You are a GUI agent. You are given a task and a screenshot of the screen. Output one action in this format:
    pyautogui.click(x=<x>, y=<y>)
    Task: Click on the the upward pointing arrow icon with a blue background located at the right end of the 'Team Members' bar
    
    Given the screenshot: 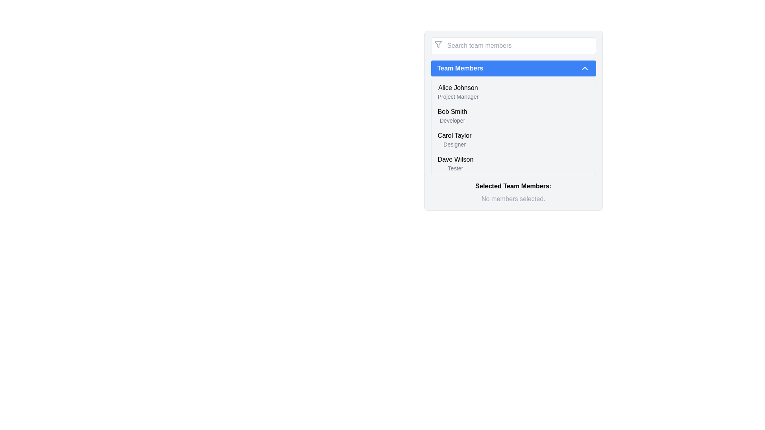 What is the action you would take?
    pyautogui.click(x=585, y=68)
    